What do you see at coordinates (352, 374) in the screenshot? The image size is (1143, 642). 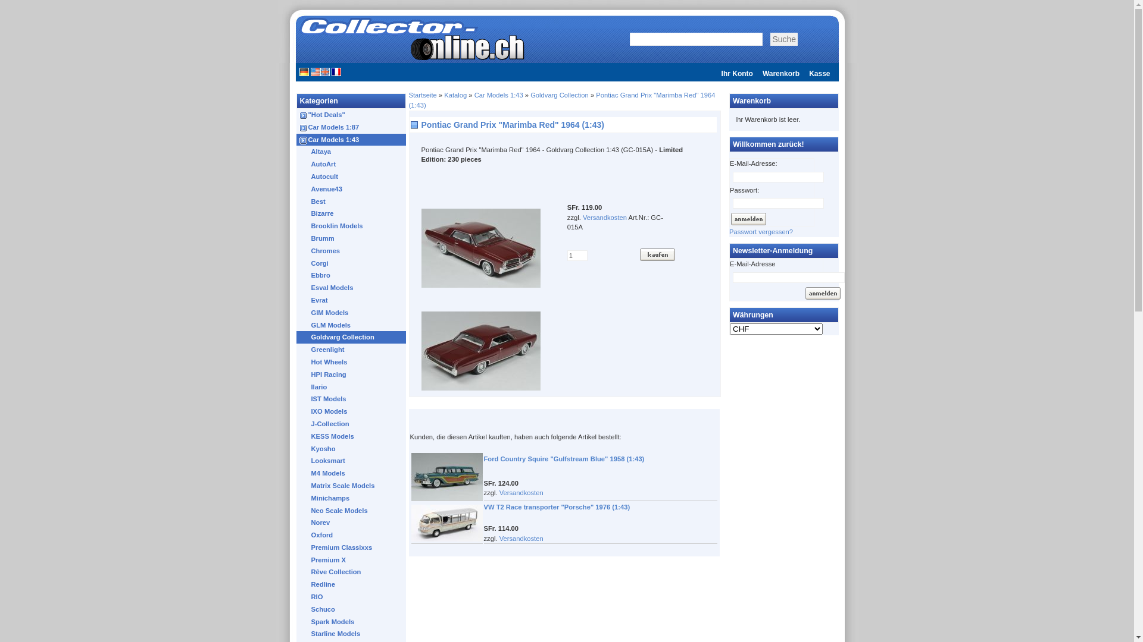 I see `'HPI Racing'` at bounding box center [352, 374].